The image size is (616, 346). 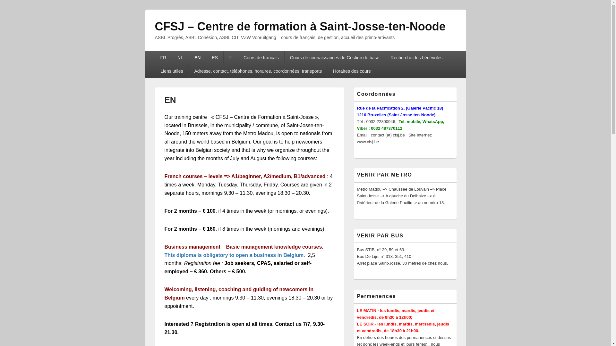 What do you see at coordinates (215, 58) in the screenshot?
I see `'ES'` at bounding box center [215, 58].